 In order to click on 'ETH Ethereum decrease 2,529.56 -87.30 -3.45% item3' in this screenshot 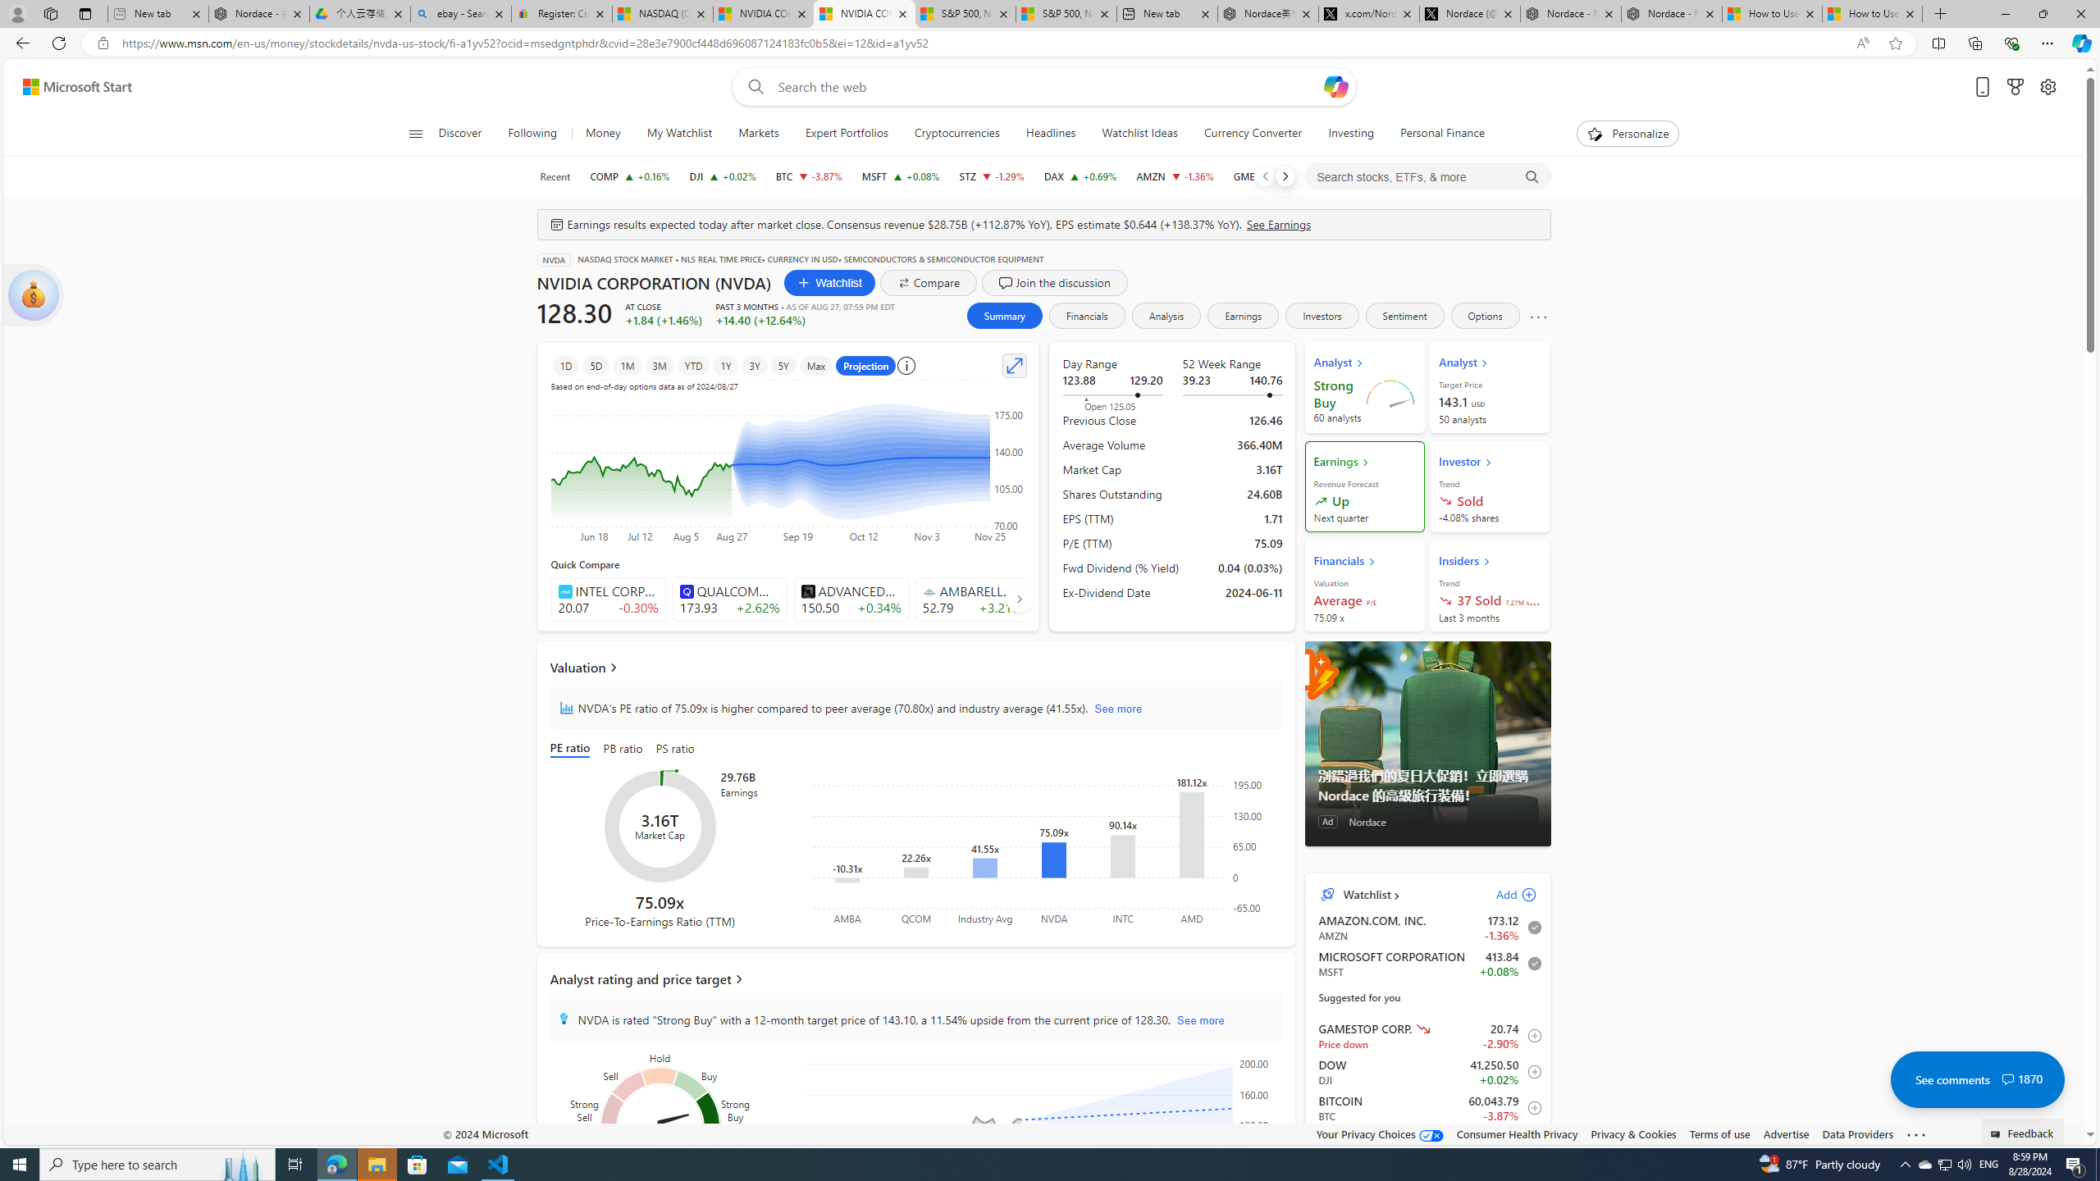, I will do `click(1427, 1143)`.